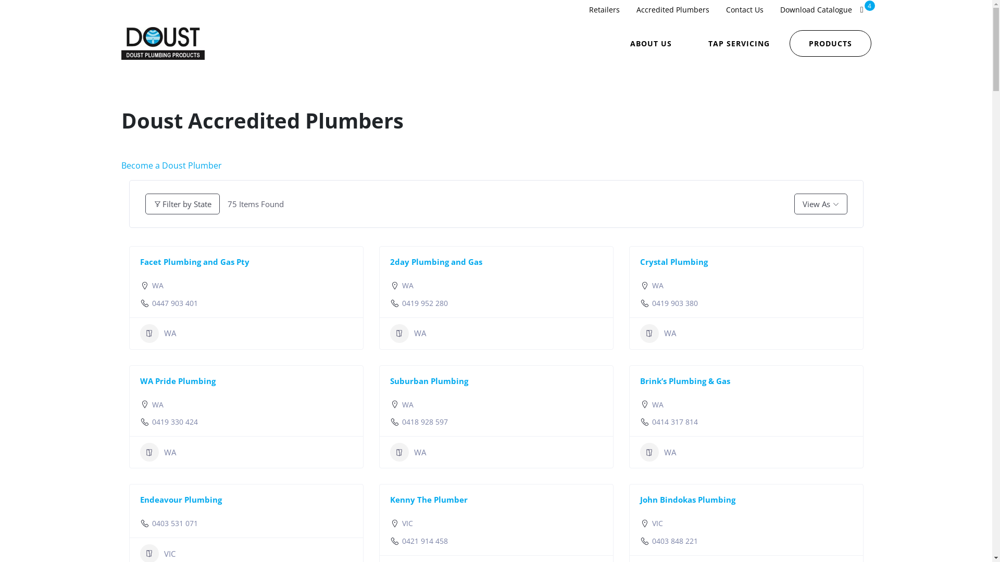  Describe the element at coordinates (739, 43) in the screenshot. I see `'TAP SERVICING'` at that location.